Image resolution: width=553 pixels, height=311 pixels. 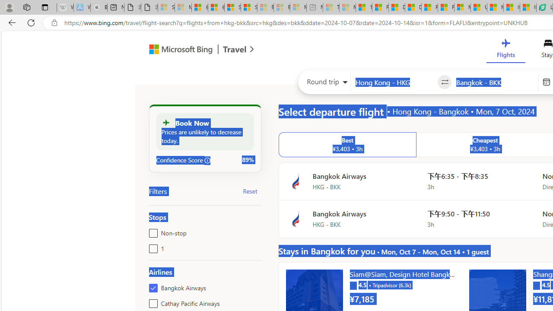 What do you see at coordinates (394, 82) in the screenshot?
I see `'Leaving from?'` at bounding box center [394, 82].